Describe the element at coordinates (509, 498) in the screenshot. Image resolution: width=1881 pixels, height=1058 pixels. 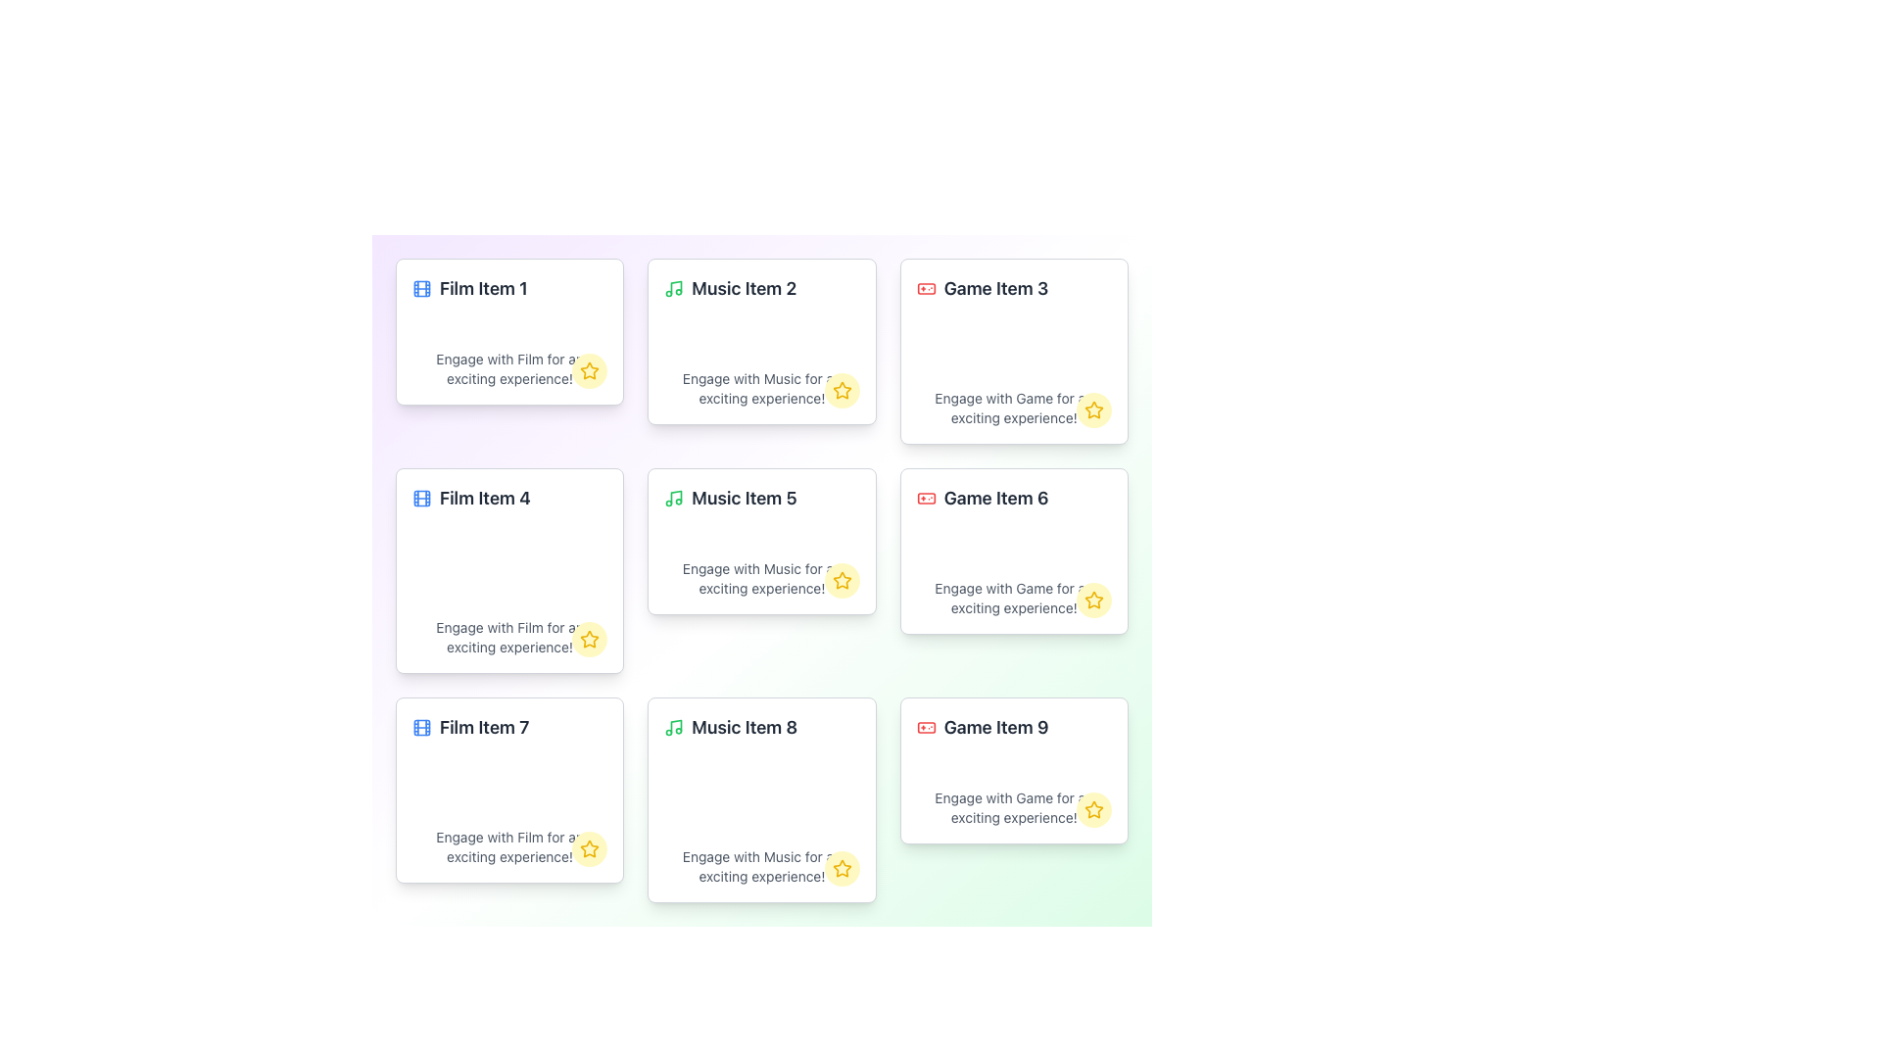
I see `the Text Label with Icon that serves as the title of the card, located in the second row, first column of the card-style grid layout, aligned to the left above the subtitle 'Engage with Film for an exciting experience!'` at that location.